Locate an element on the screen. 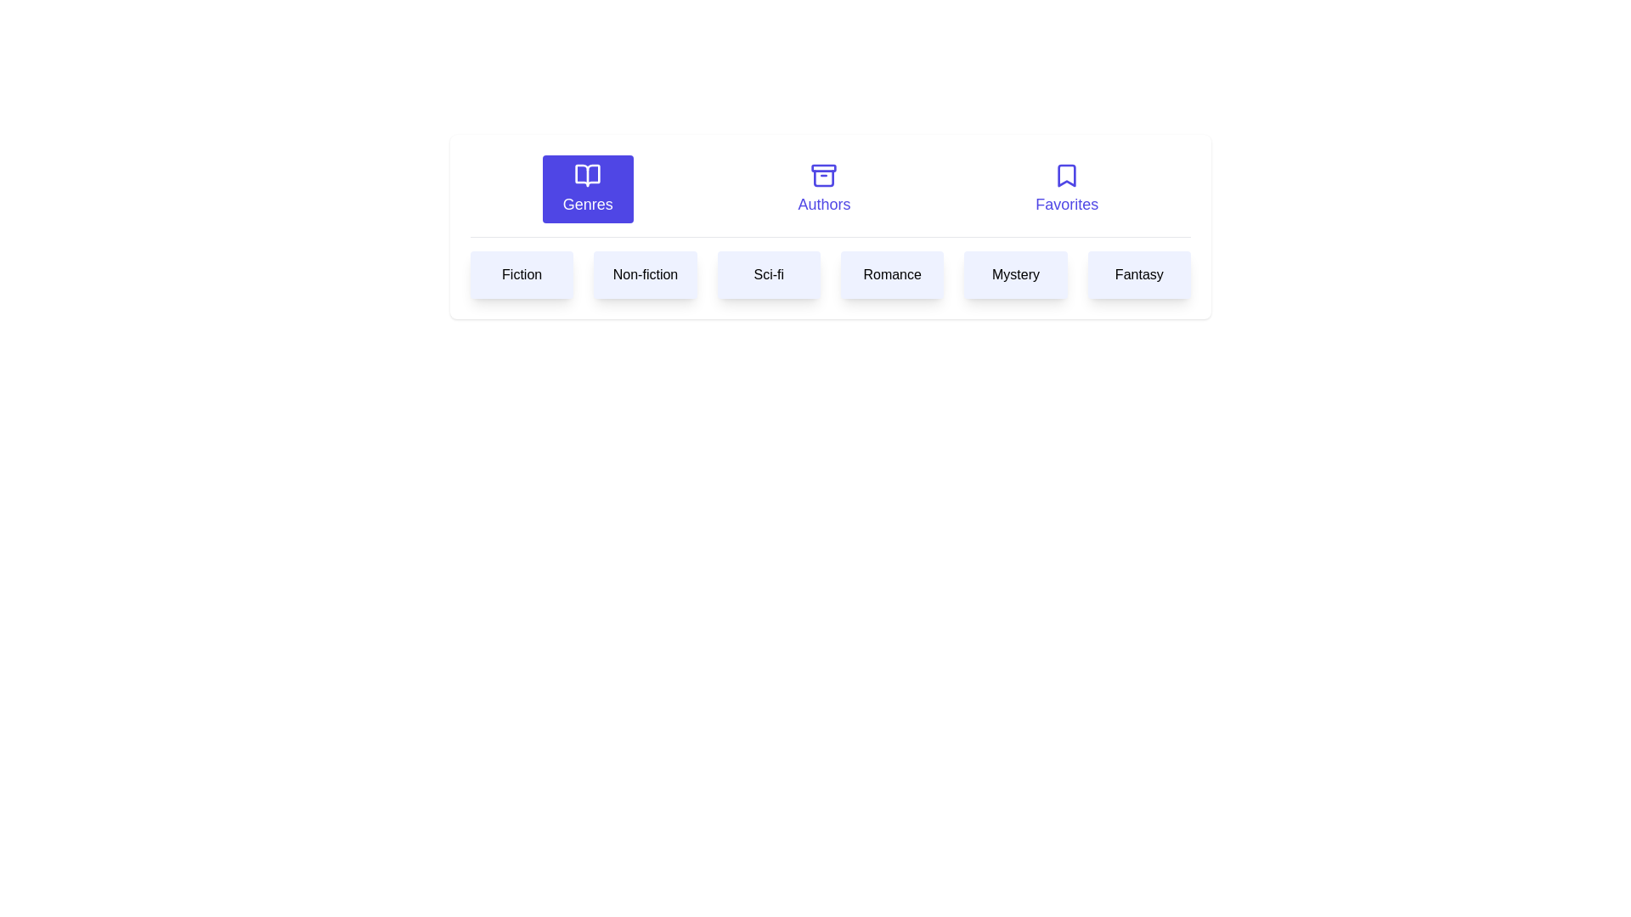 The image size is (1631, 917). the genre tile labeled Fiction is located at coordinates (521, 274).